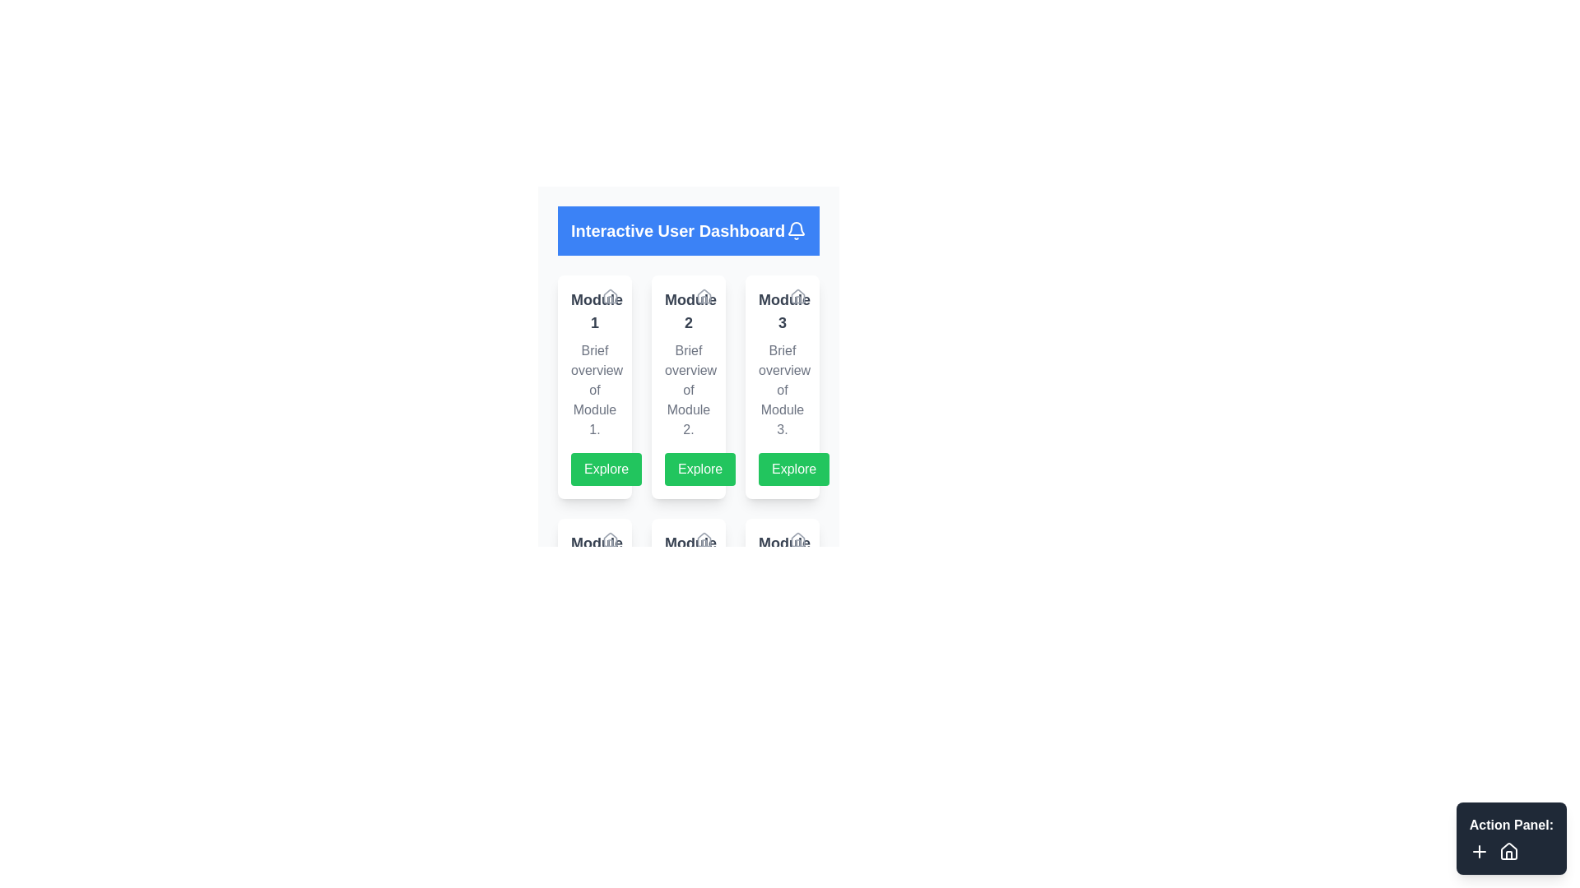  What do you see at coordinates (688, 311) in the screenshot?
I see `the text 'Module 2' in bold gray color for copying, which is located in the central card above the descriptive text and below a house icon` at bounding box center [688, 311].